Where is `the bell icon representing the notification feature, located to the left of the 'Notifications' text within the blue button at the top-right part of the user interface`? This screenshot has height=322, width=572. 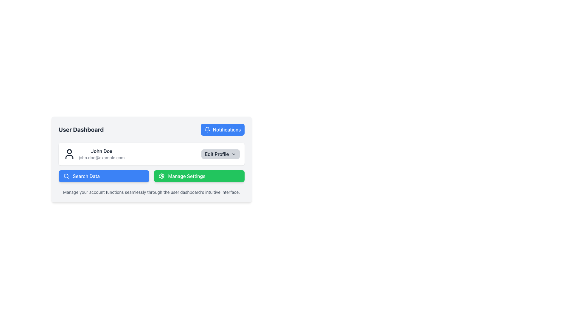
the bell icon representing the notification feature, located to the left of the 'Notifications' text within the blue button at the top-right part of the user interface is located at coordinates (207, 129).